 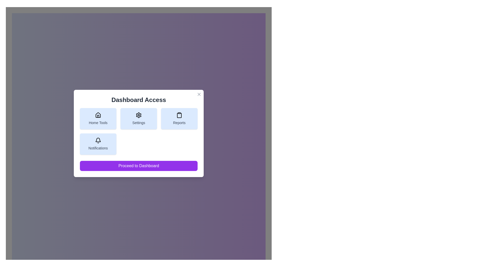 I want to click on the settings gear icon, which is a minimalistic line-style icon with a circular center and cog-like extensions, located in the top center of the 'Settings' card with a light blue background, so click(x=139, y=115).